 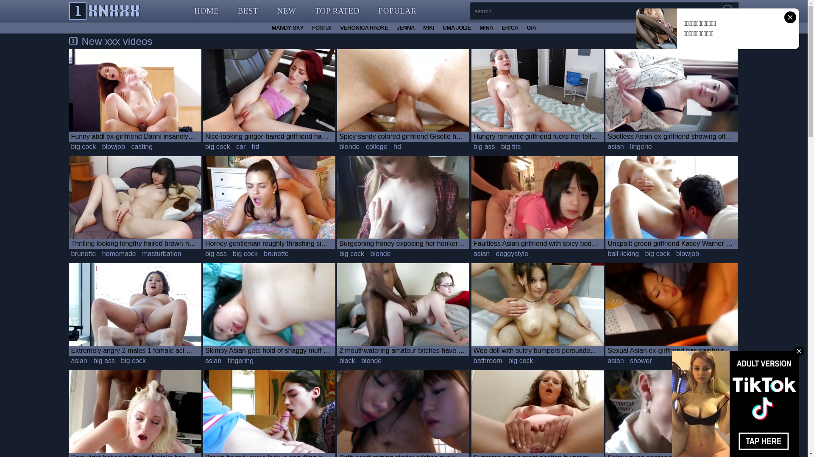 I want to click on 'ball licking', so click(x=623, y=253).